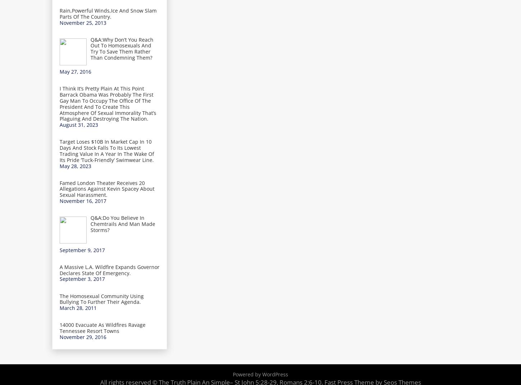  Describe the element at coordinates (121, 48) in the screenshot. I see `'Q&A:Why Don’t You Reach Out To Homosexuals And Try To Save Them Rather Than Condemning Them?'` at that location.